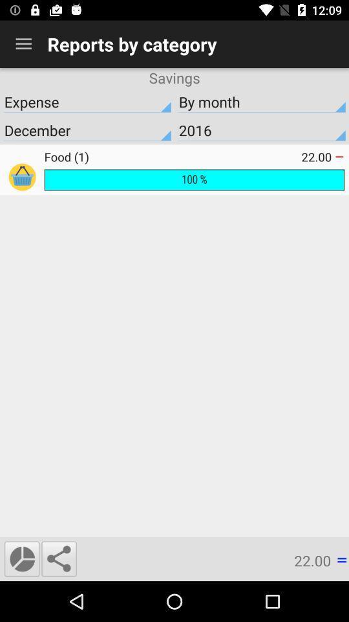 The height and width of the screenshot is (622, 349). What do you see at coordinates (193, 179) in the screenshot?
I see `icon below food (1) icon` at bounding box center [193, 179].